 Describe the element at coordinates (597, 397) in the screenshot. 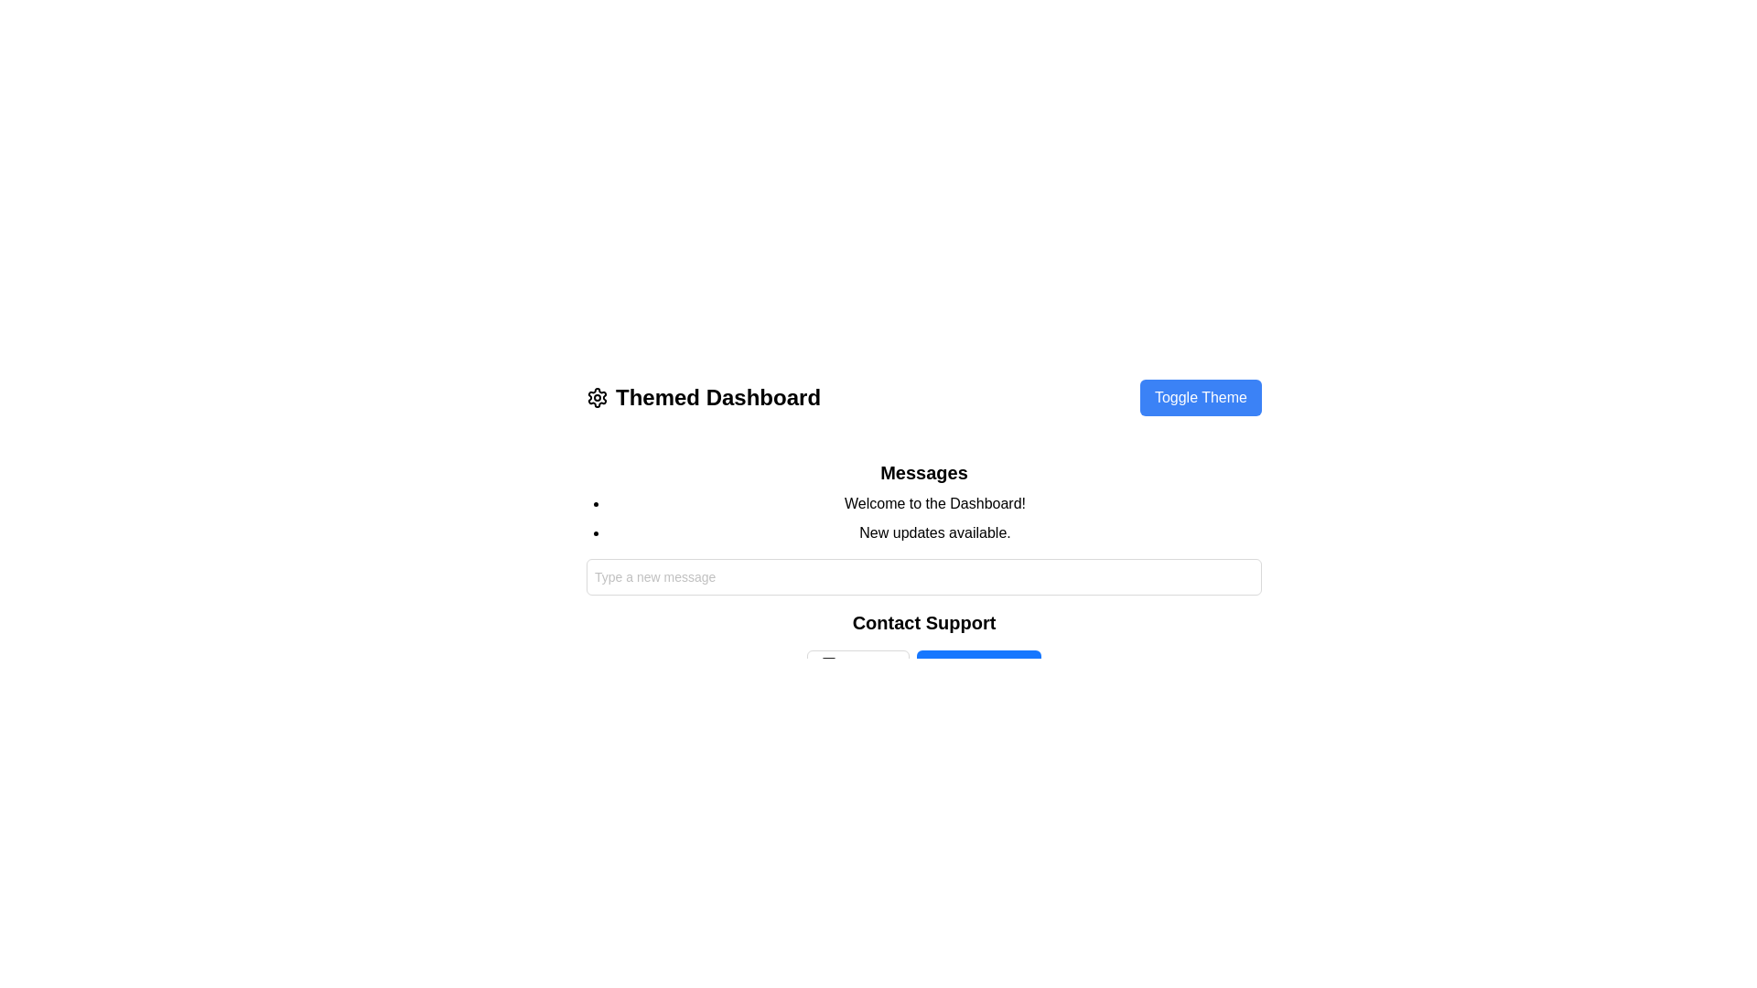

I see `the settings icon located to the left of the title 'Themed Dashboard' in the header section for navigation` at that location.